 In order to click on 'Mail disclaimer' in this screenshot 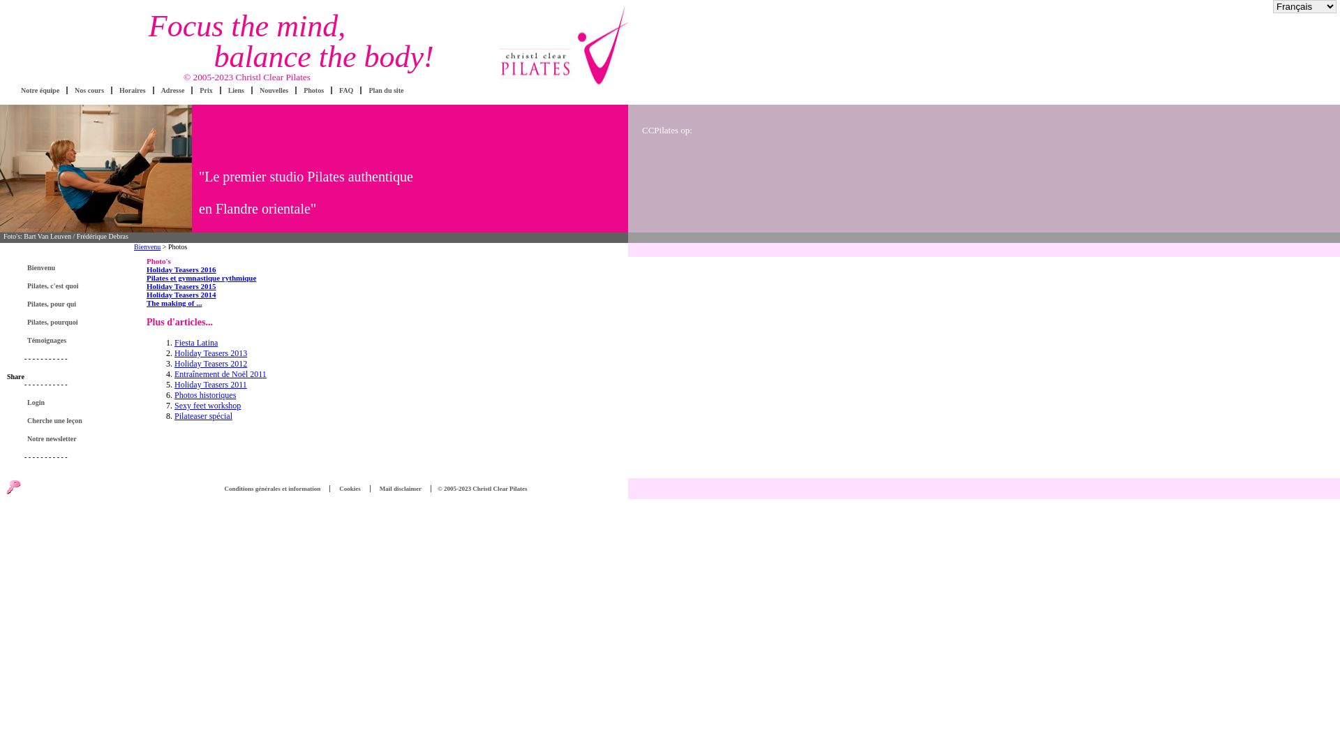, I will do `click(400, 487)`.